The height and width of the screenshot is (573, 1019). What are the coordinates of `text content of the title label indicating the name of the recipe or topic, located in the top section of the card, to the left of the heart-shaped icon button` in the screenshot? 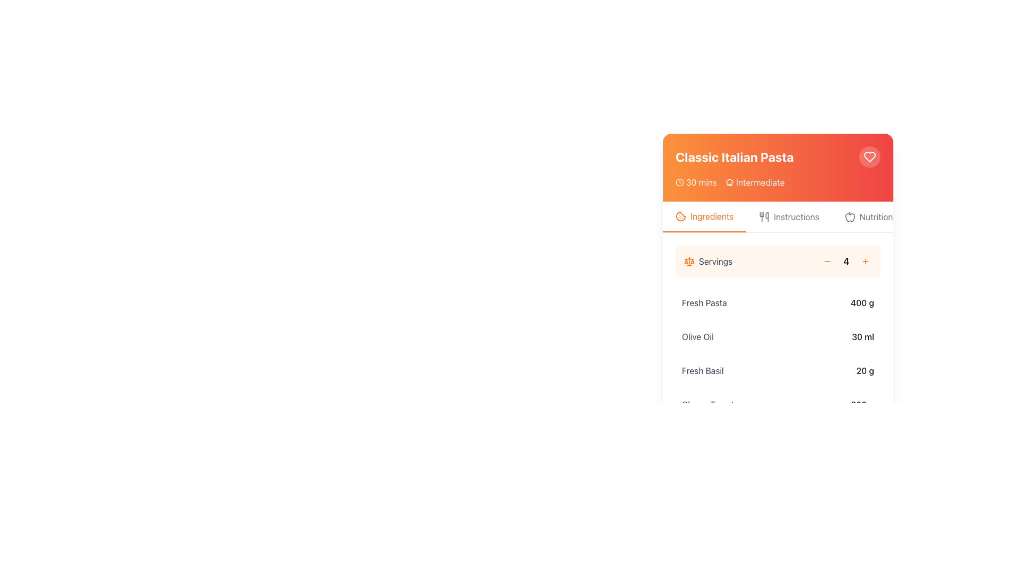 It's located at (734, 157).